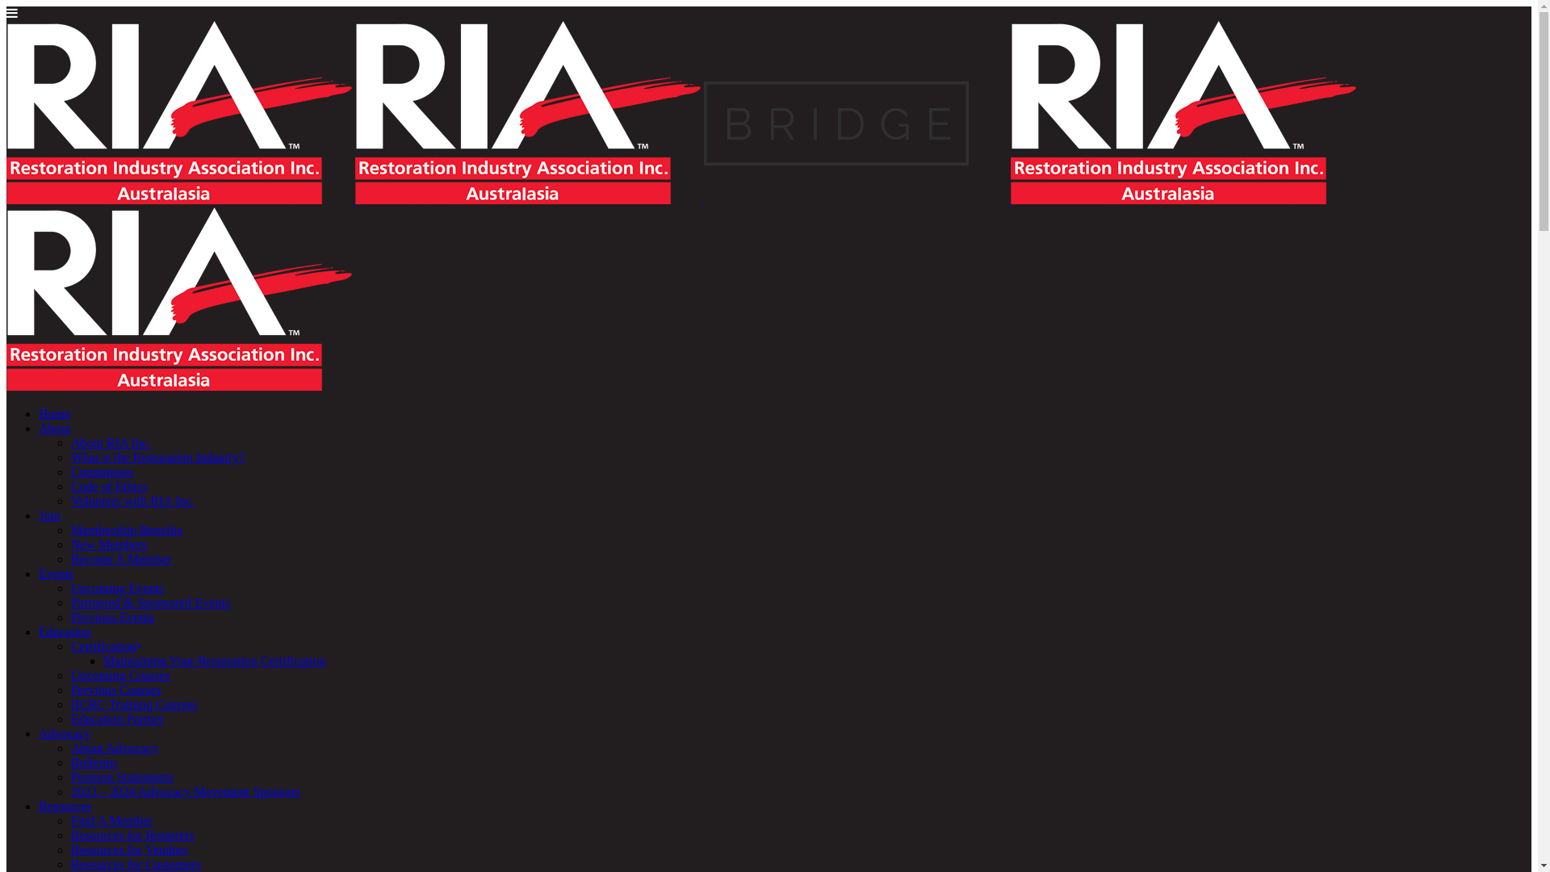  What do you see at coordinates (136, 863) in the screenshot?
I see `'Resources for Customers'` at bounding box center [136, 863].